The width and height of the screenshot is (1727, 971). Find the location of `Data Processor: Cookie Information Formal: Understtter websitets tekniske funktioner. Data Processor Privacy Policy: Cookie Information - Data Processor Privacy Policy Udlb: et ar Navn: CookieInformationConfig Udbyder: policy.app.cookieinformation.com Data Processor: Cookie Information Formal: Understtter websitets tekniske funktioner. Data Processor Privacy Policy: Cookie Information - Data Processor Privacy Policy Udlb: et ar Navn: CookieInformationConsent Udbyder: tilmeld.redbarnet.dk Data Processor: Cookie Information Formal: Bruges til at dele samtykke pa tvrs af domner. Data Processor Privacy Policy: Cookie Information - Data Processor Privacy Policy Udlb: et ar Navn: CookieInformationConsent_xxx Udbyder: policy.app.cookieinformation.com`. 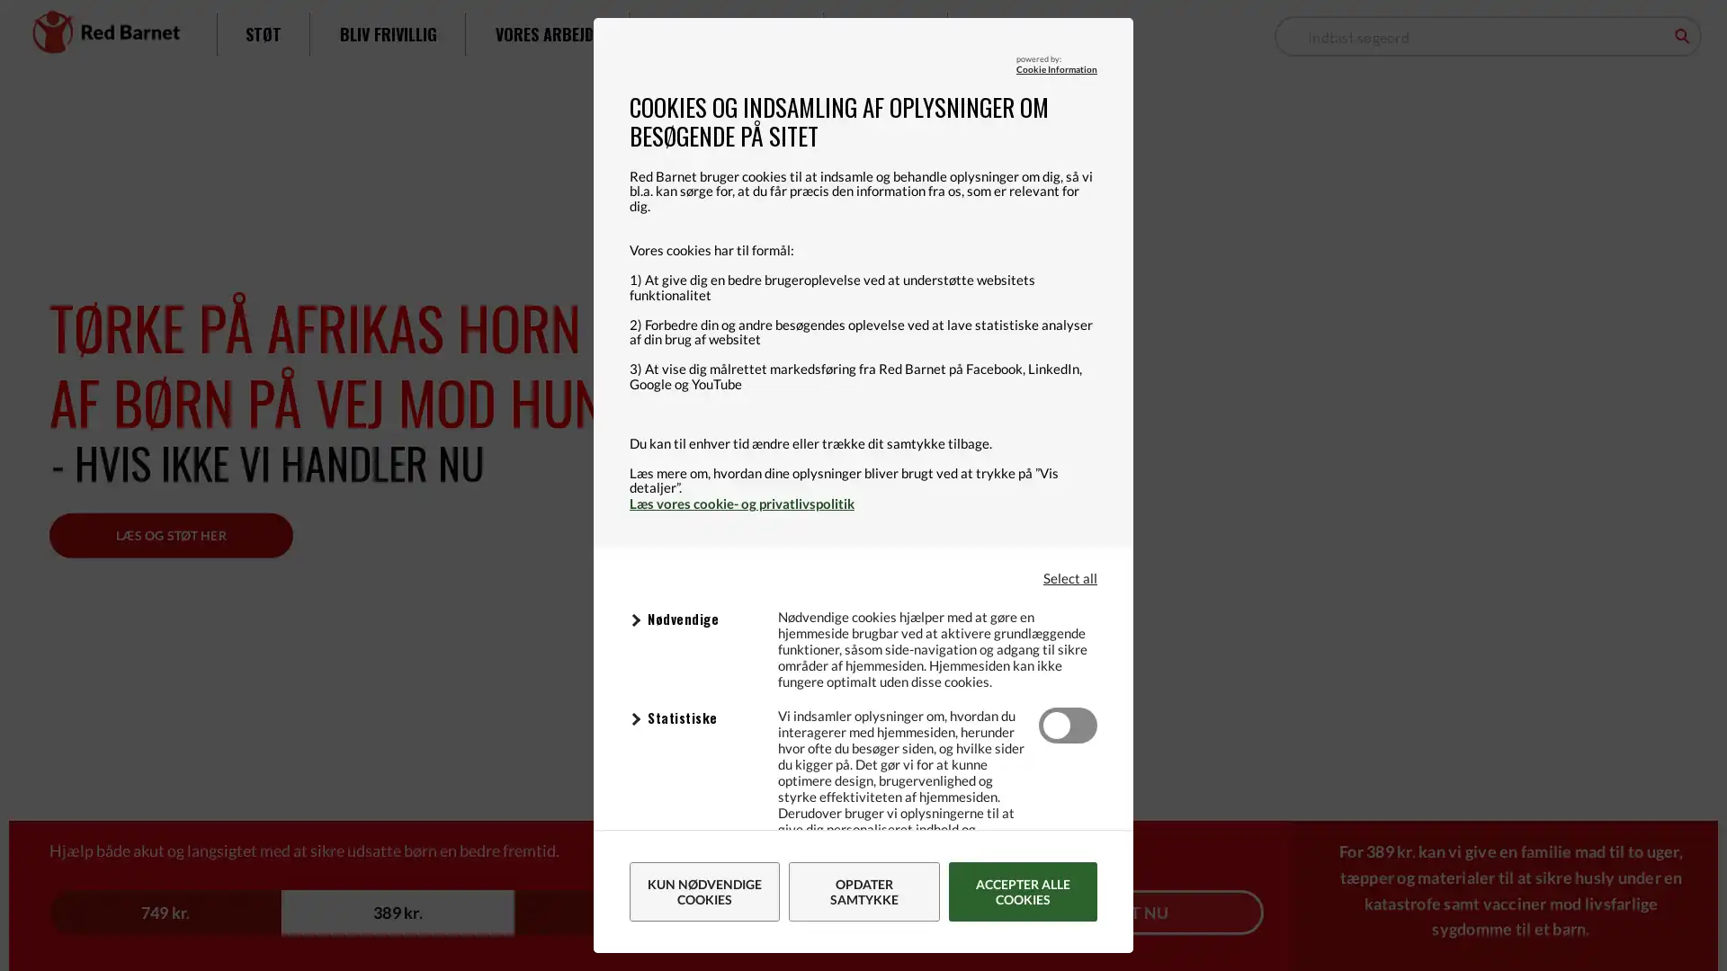

Data Processor: Cookie Information Formal: Understtter websitets tekniske funktioner. Data Processor Privacy Policy: Cookie Information - Data Processor Privacy Policy Udlb: et ar Navn: CookieInformationConfig Udbyder: policy.app.cookieinformation.com Data Processor: Cookie Information Formal: Understtter websitets tekniske funktioner. Data Processor Privacy Policy: Cookie Information - Data Processor Privacy Policy Udlb: et ar Navn: CookieInformationConsent Udbyder: tilmeld.redbarnet.dk Data Processor: Cookie Information Formal: Bruges til at dele samtykke pa tvrs af domner. Data Processor Privacy Policy: Cookie Information - Data Processor Privacy Policy Udlb: et ar Navn: CookieInformationConsent_xxx Udbyder: policy.app.cookieinformation.com is located at coordinates (693, 619).